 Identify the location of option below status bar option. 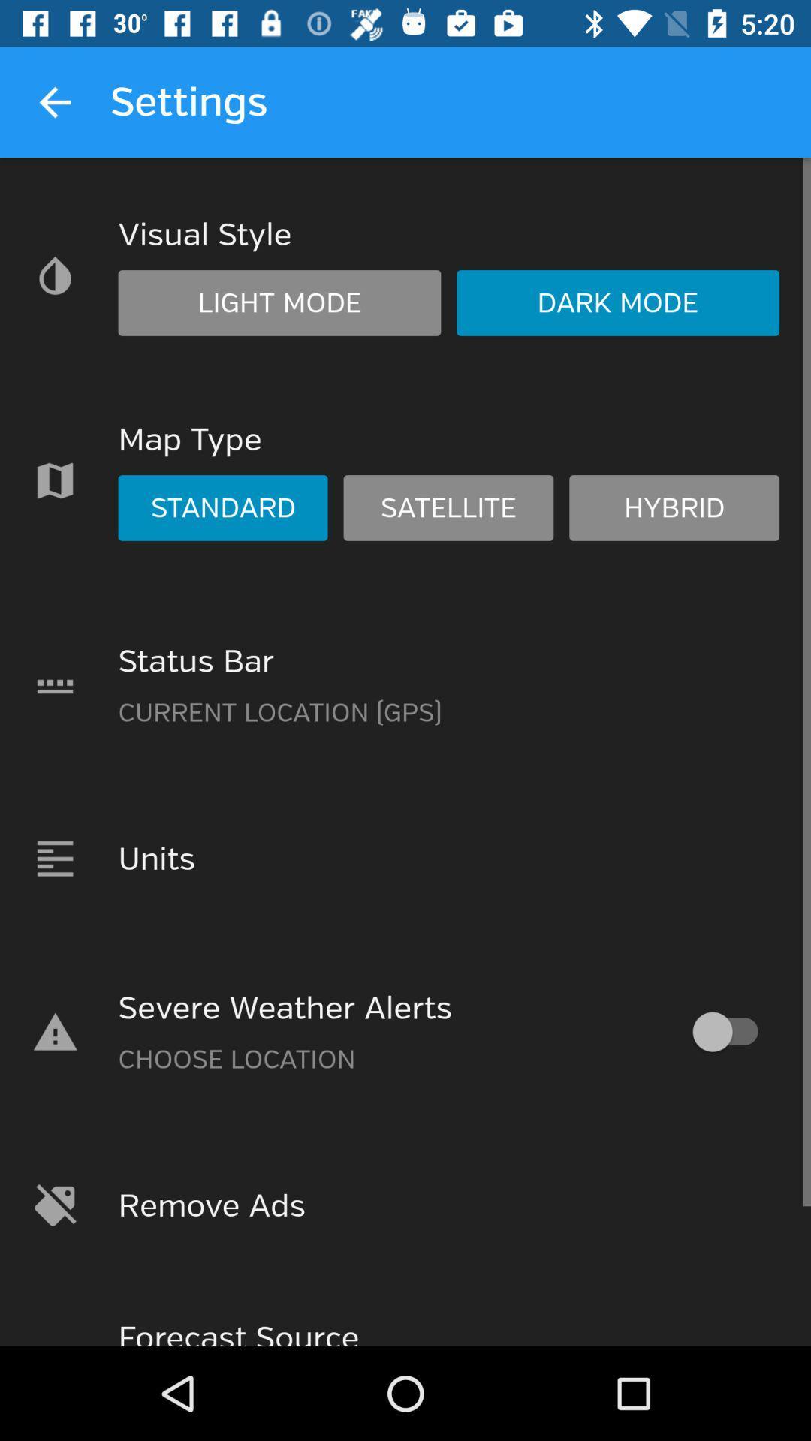
(405, 859).